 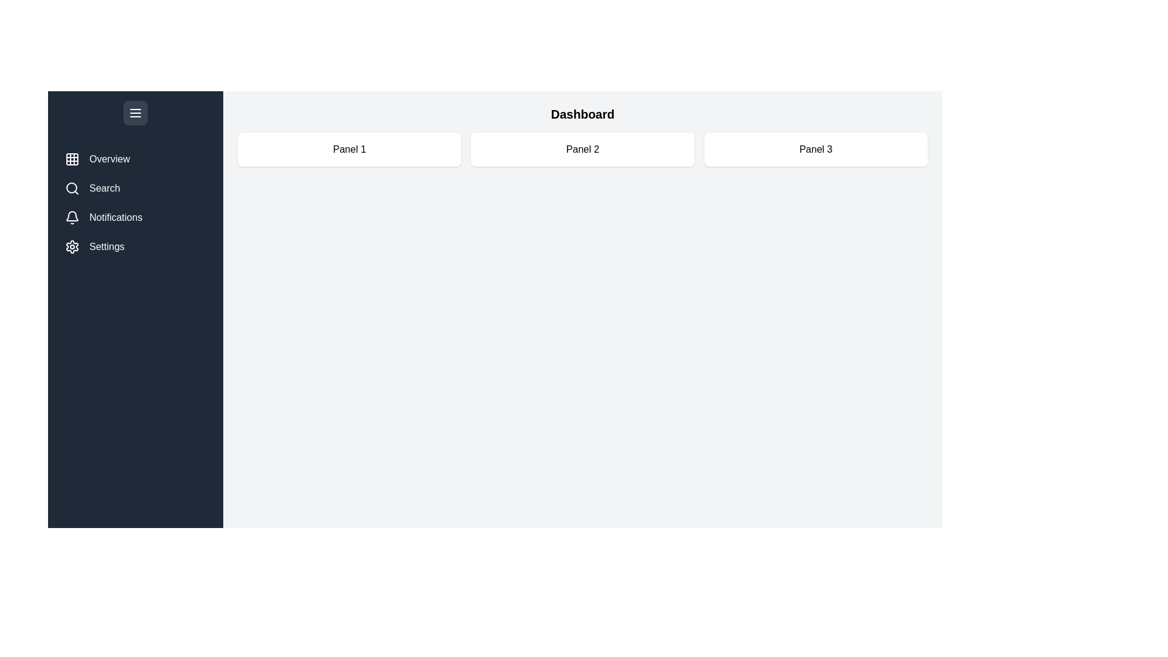 I want to click on the menu item Search to observe its hover effect, so click(x=135, y=188).